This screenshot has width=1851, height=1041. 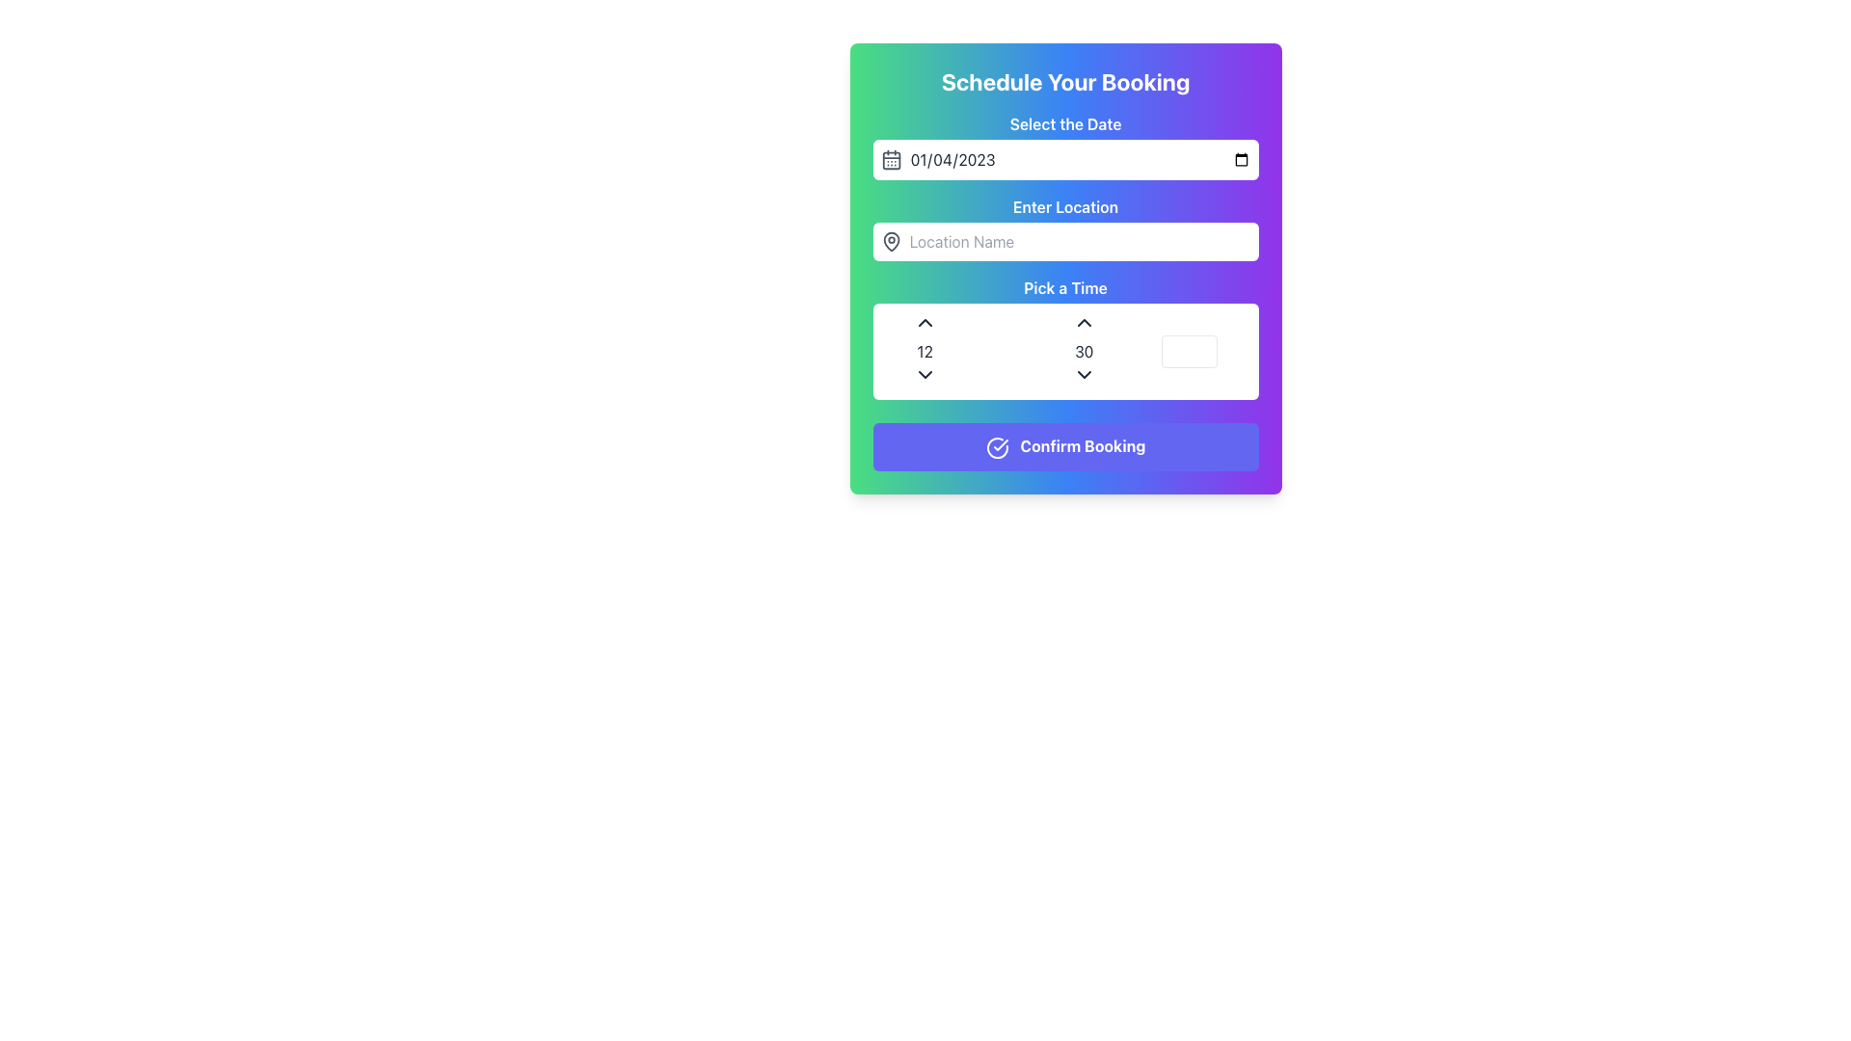 What do you see at coordinates (997, 447) in the screenshot?
I see `the check mark icon inside the 'Confirm Booking' button, which indicates confirmation or success in the booking process` at bounding box center [997, 447].